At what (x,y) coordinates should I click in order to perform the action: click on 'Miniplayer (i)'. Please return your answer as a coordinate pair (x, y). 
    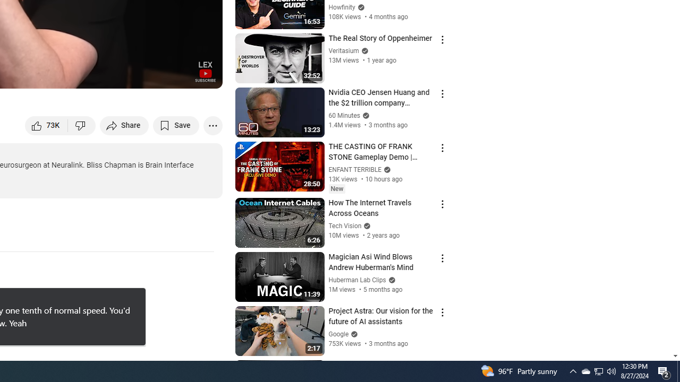
    Looking at the image, I should click on (151, 75).